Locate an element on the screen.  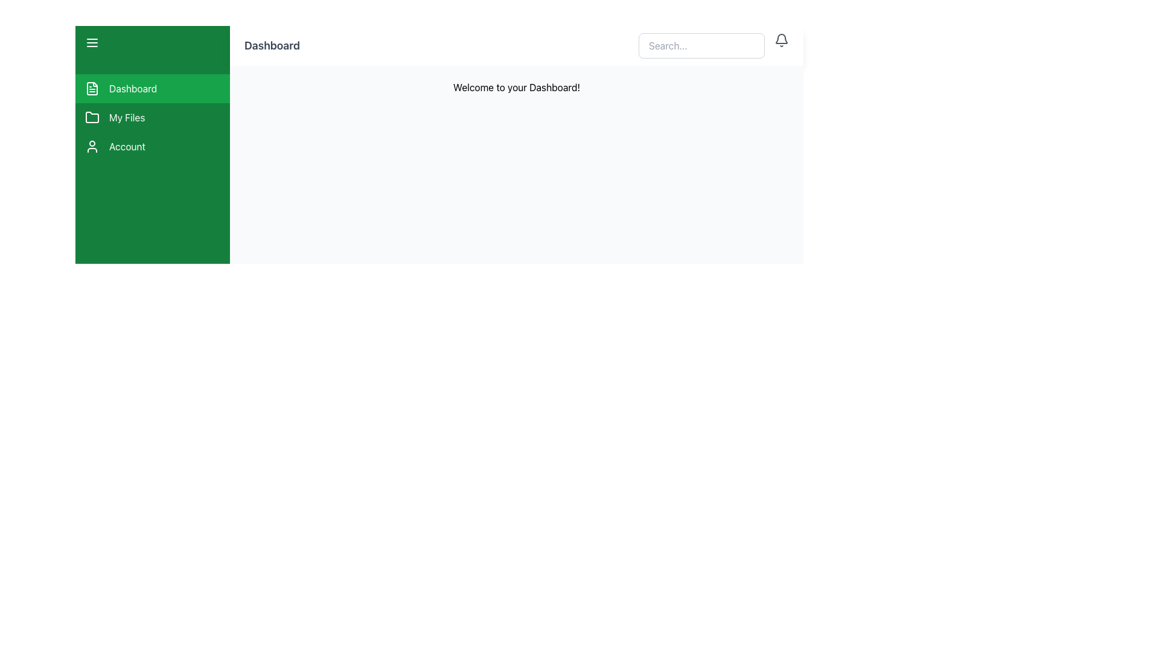
the hamburger menu icon, which is a compact icon with three white horizontal lines on a green background located at the top-left corner of the sidebar is located at coordinates (92, 42).